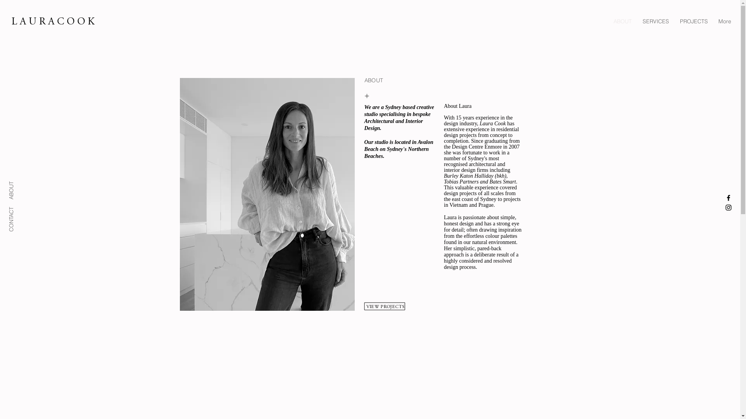 The width and height of the screenshot is (746, 419). Describe the element at coordinates (694, 21) in the screenshot. I see `'PROJECTS'` at that location.